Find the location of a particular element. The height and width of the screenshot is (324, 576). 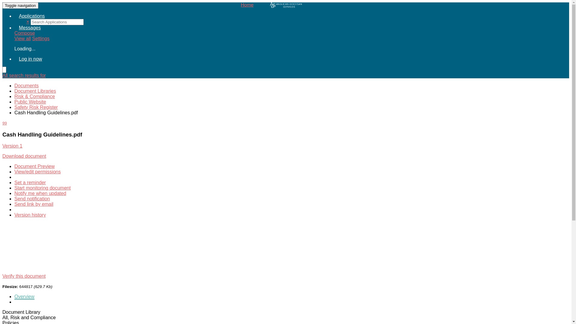

'Send notification' is located at coordinates (31, 199).